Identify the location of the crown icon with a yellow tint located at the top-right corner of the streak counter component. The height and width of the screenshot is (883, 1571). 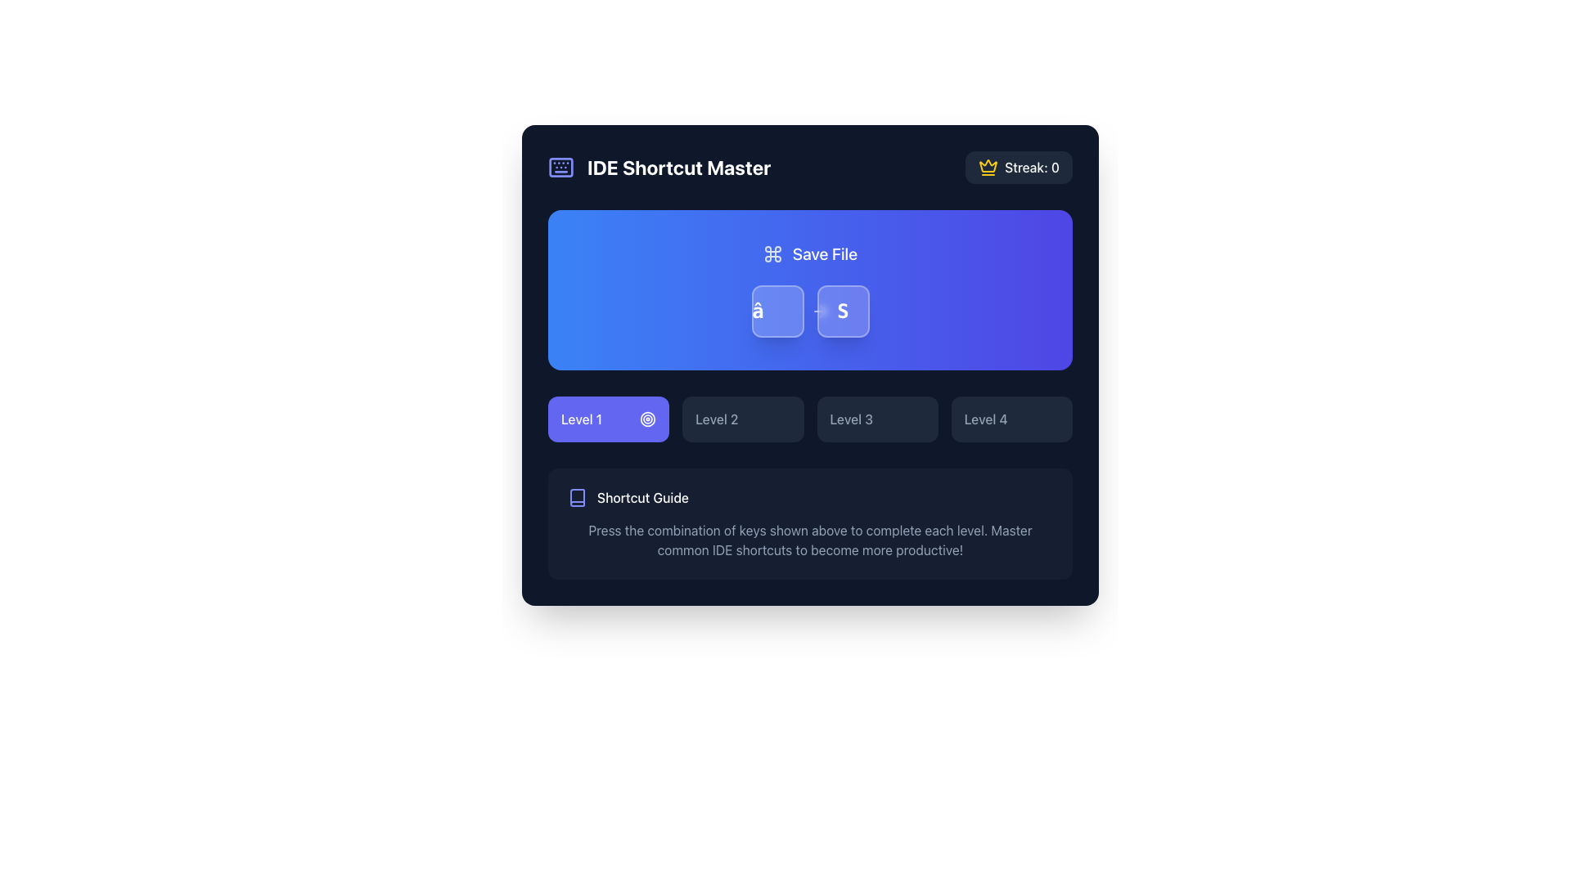
(988, 166).